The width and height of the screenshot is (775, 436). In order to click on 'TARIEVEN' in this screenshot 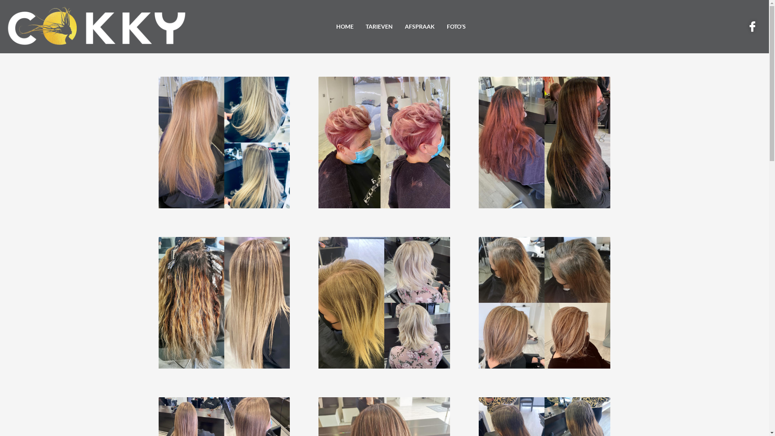, I will do `click(379, 26)`.